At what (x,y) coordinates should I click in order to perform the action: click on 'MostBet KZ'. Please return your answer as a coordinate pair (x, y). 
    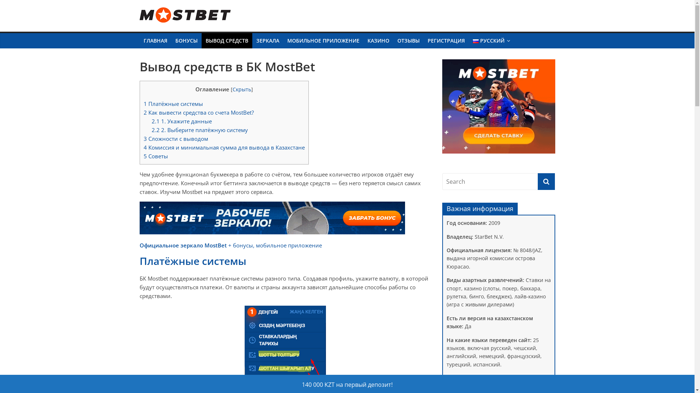
    Looking at the image, I should click on (171, 26).